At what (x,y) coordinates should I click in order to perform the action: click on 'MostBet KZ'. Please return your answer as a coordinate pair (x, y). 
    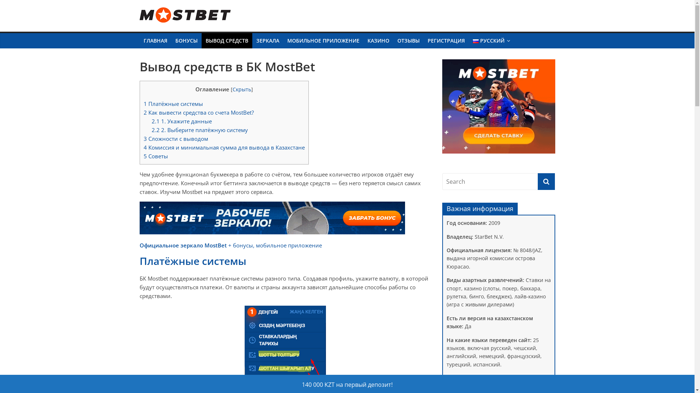
    Looking at the image, I should click on (171, 26).